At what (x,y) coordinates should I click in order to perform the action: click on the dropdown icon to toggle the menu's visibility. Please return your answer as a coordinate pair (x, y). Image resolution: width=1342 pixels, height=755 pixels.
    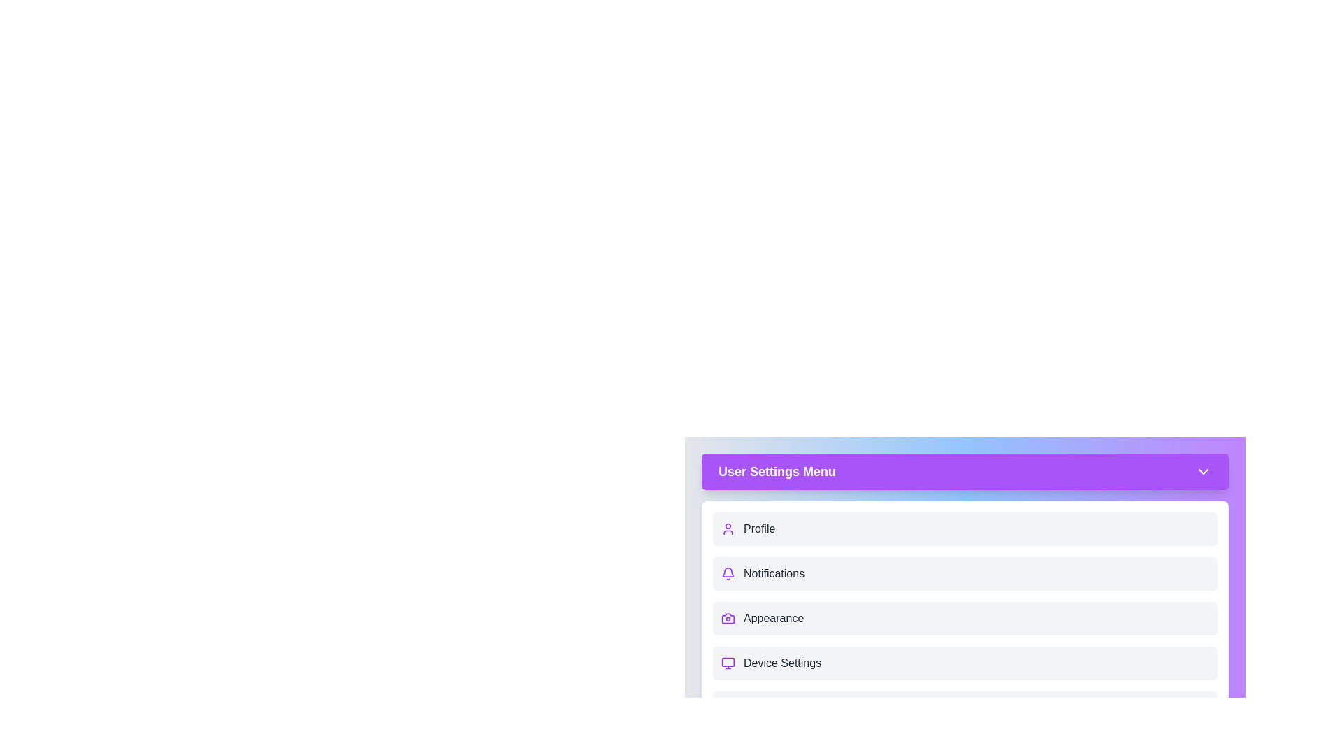
    Looking at the image, I should click on (1203, 472).